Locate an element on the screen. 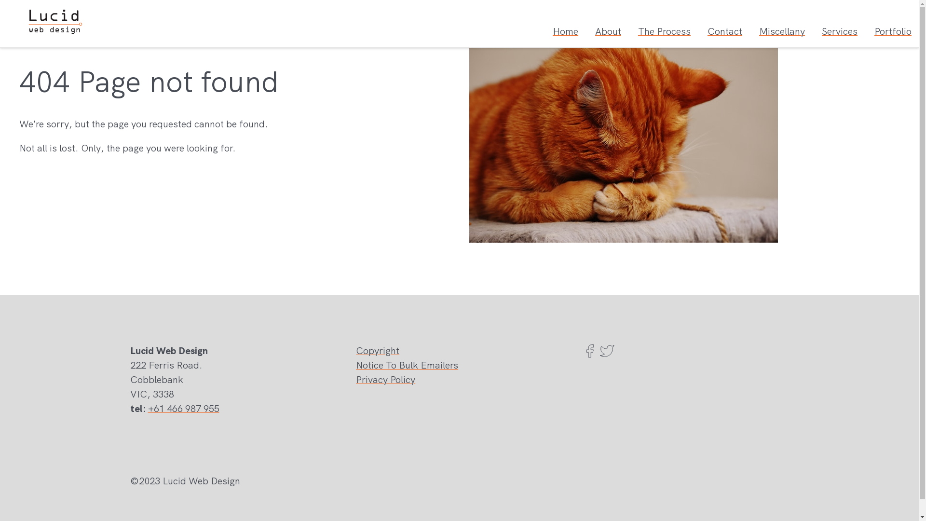 Image resolution: width=926 pixels, height=521 pixels. 'Contact' is located at coordinates (724, 31).